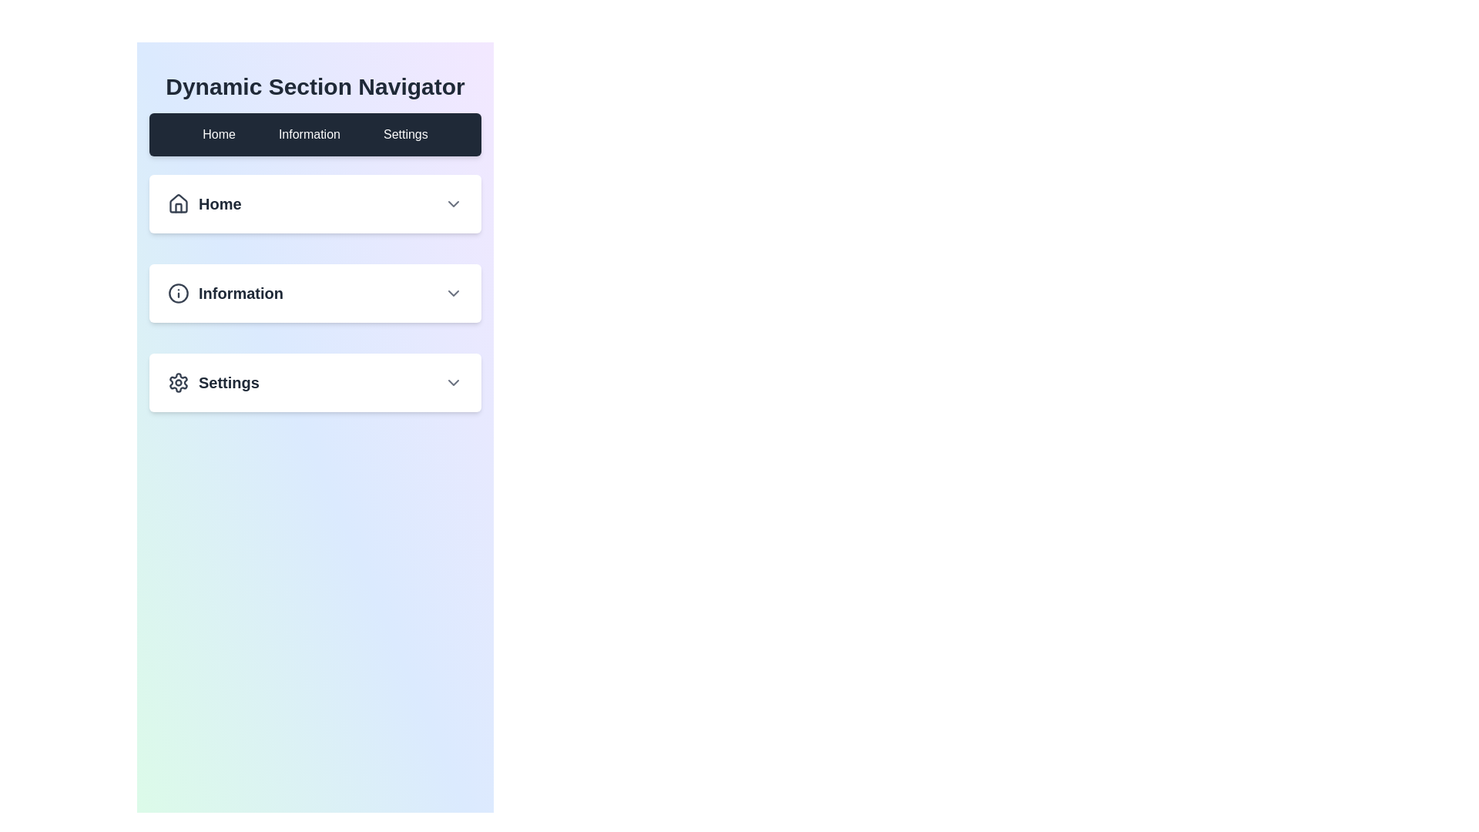 The height and width of the screenshot is (832, 1479). I want to click on the 'Information' icon located in the second section of the vertical menu, positioned directly to the left of the text 'Information', so click(178, 294).